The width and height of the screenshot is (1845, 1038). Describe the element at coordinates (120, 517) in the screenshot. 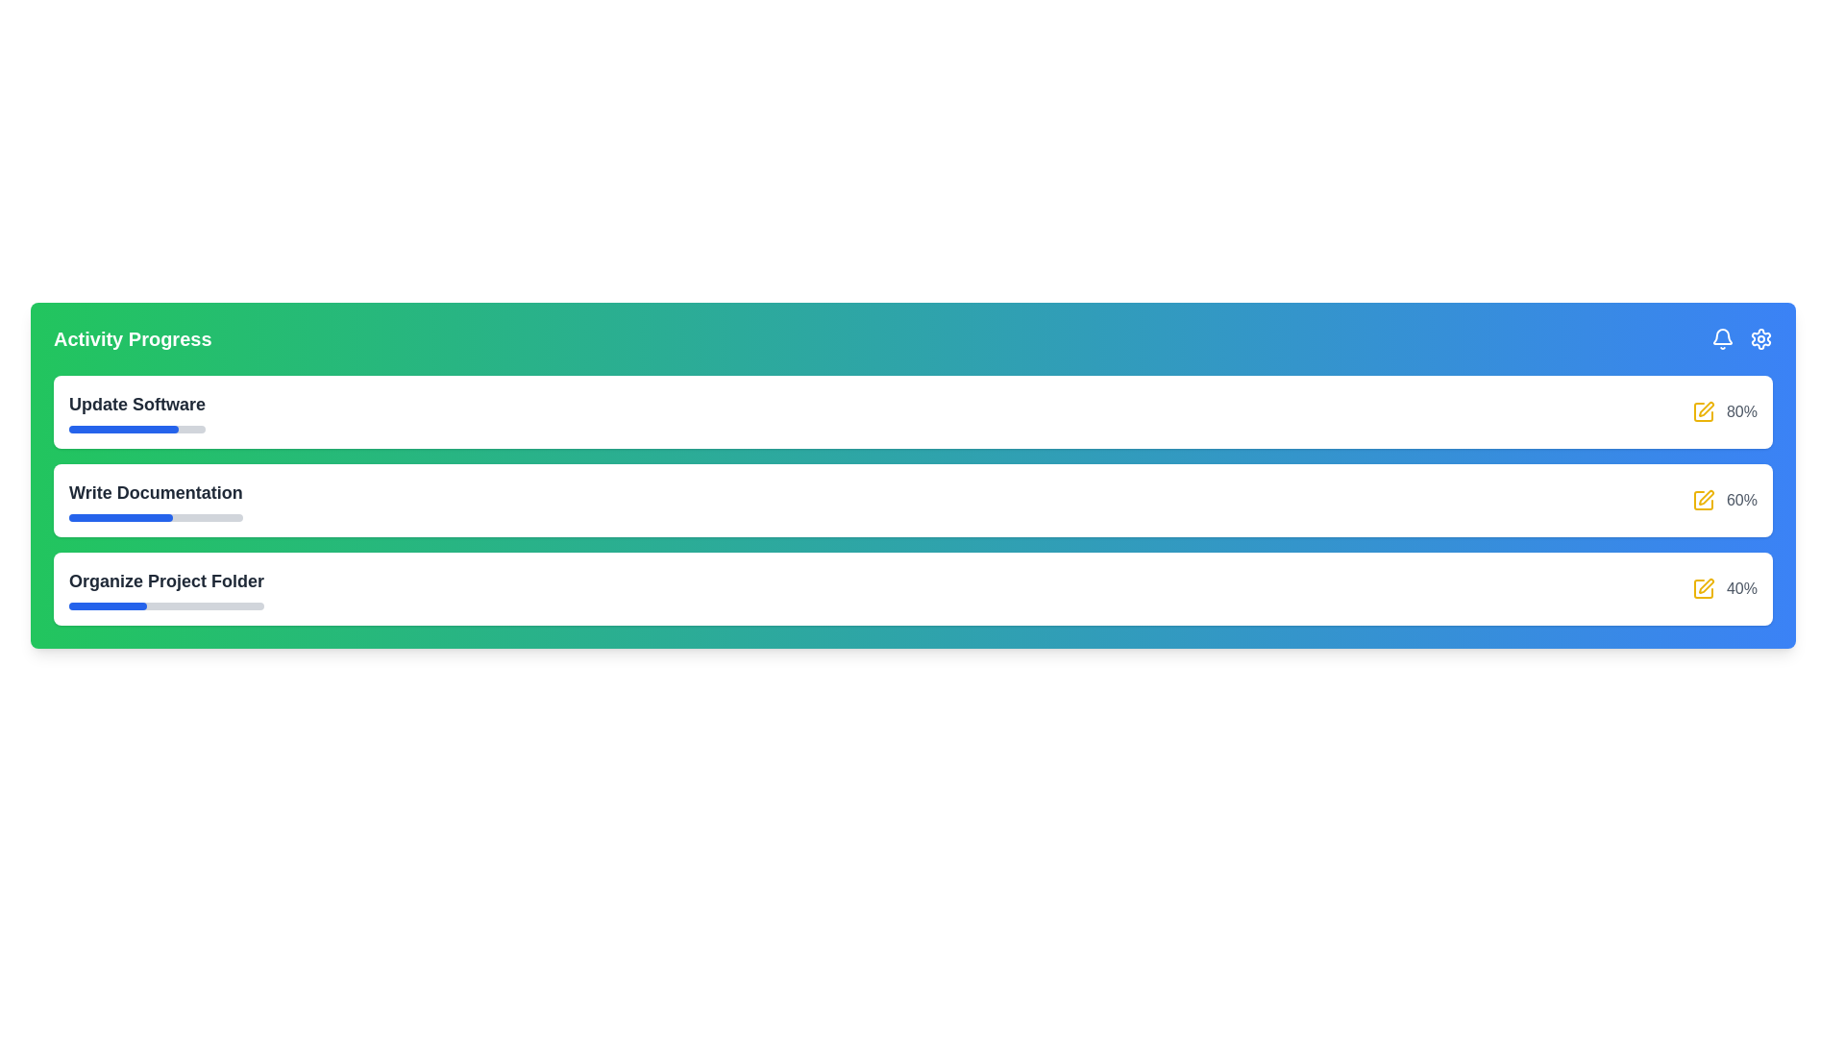

I see `the second progress bar representing 60% completion in the 'Write Documentation' section of the vertically stacked list` at that location.